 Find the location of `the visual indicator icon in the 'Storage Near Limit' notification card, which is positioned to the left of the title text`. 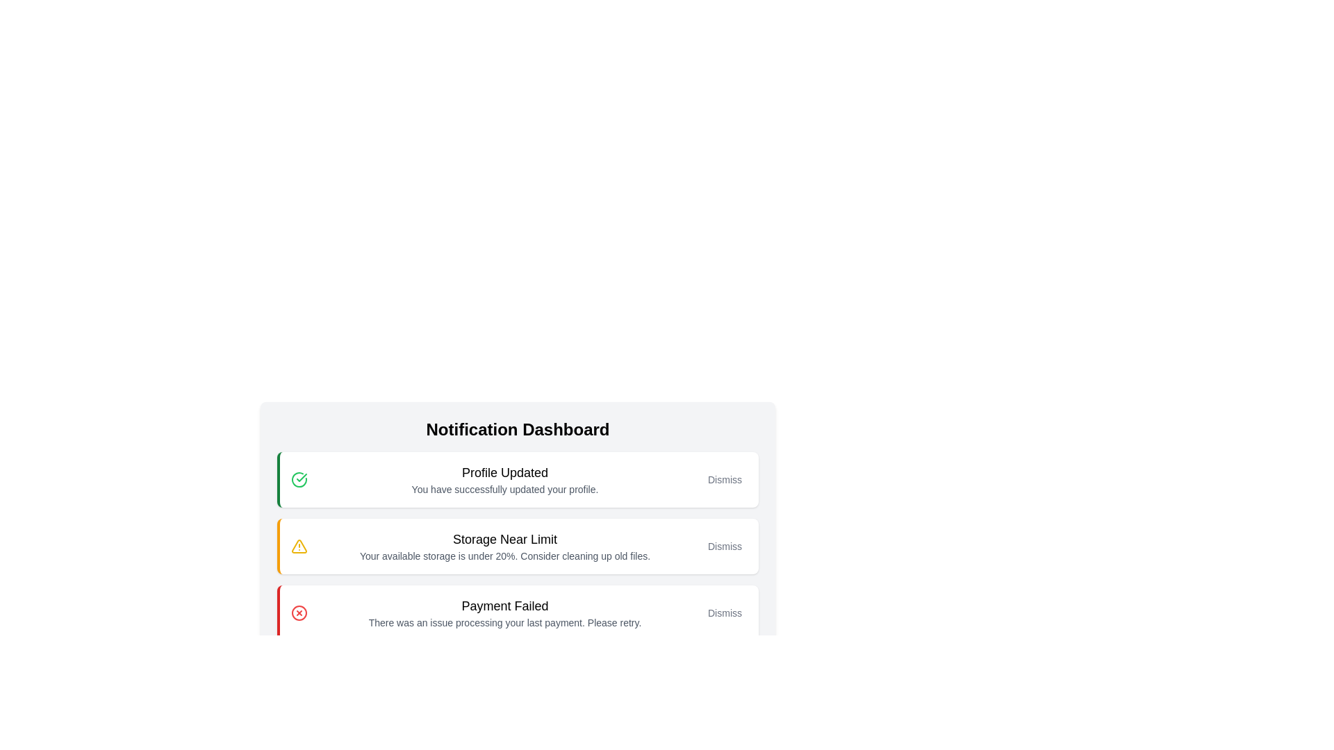

the visual indicator icon in the 'Storage Near Limit' notification card, which is positioned to the left of the title text is located at coordinates (299, 545).